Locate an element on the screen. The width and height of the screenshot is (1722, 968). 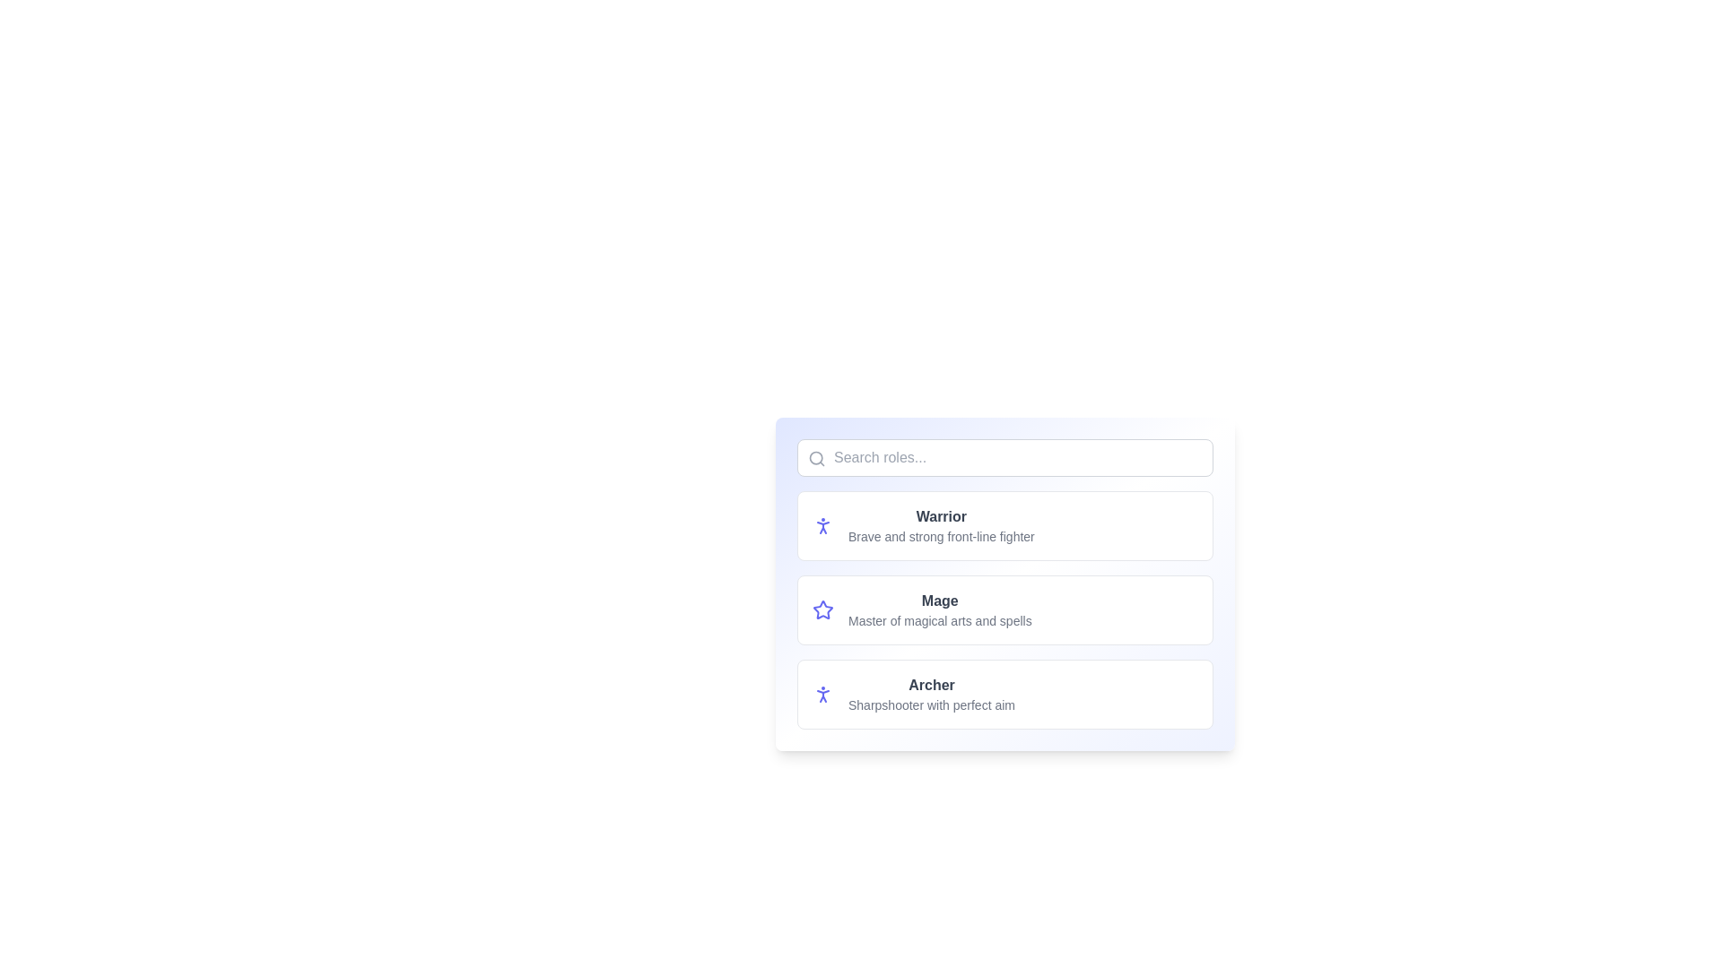
the 'Warrior' role icon located in the topmost section of the roles list, adjacent to the 'Warrior' text and description is located at coordinates (822, 524).